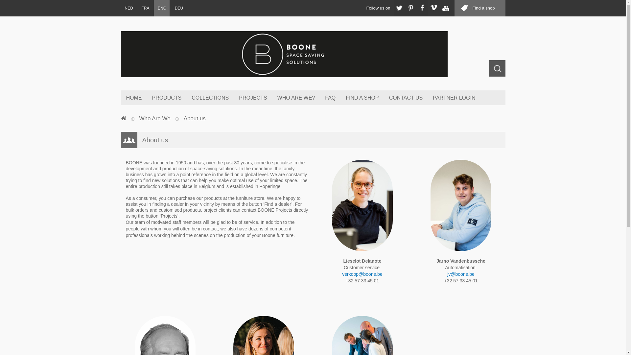  What do you see at coordinates (405, 98) in the screenshot?
I see `'CONTACT US'` at bounding box center [405, 98].